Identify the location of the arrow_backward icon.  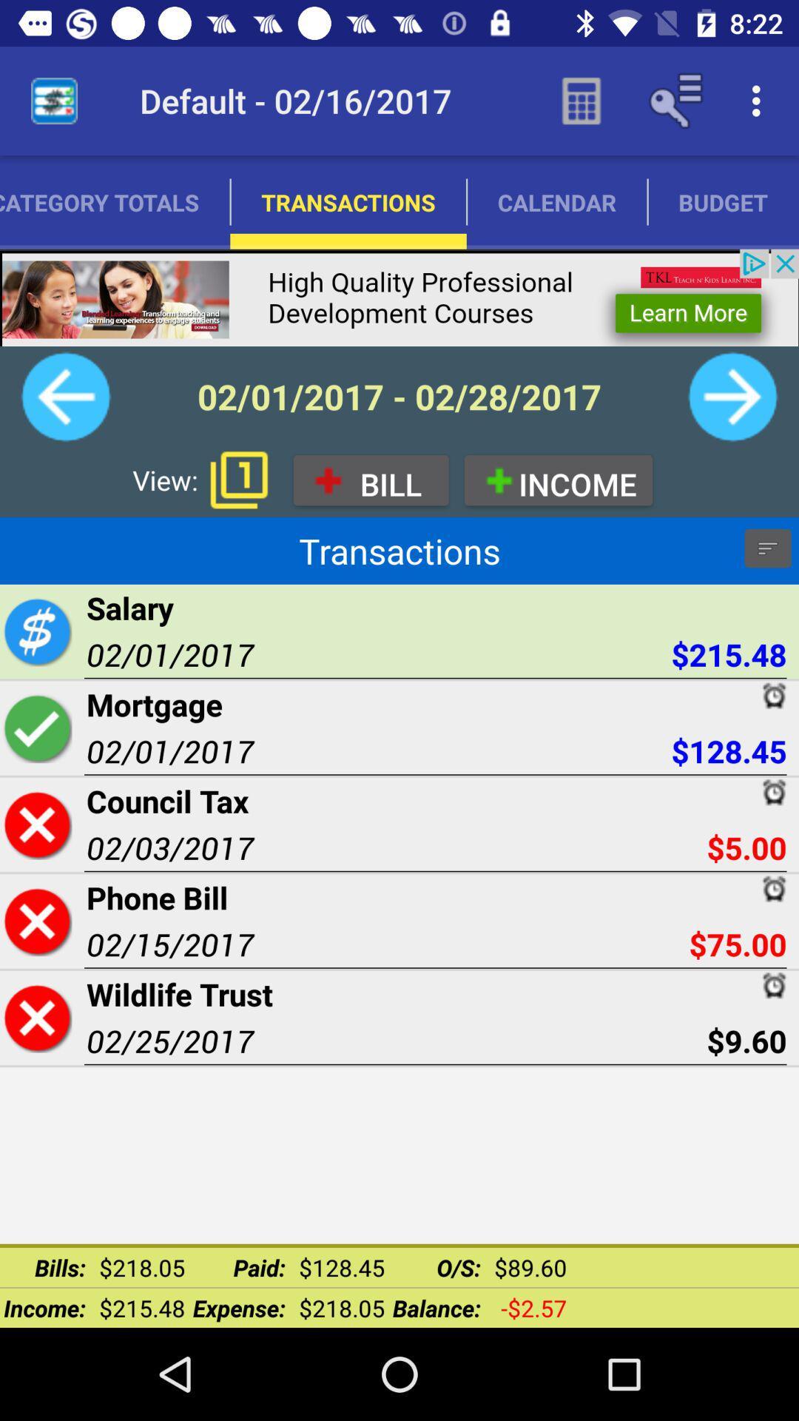
(65, 397).